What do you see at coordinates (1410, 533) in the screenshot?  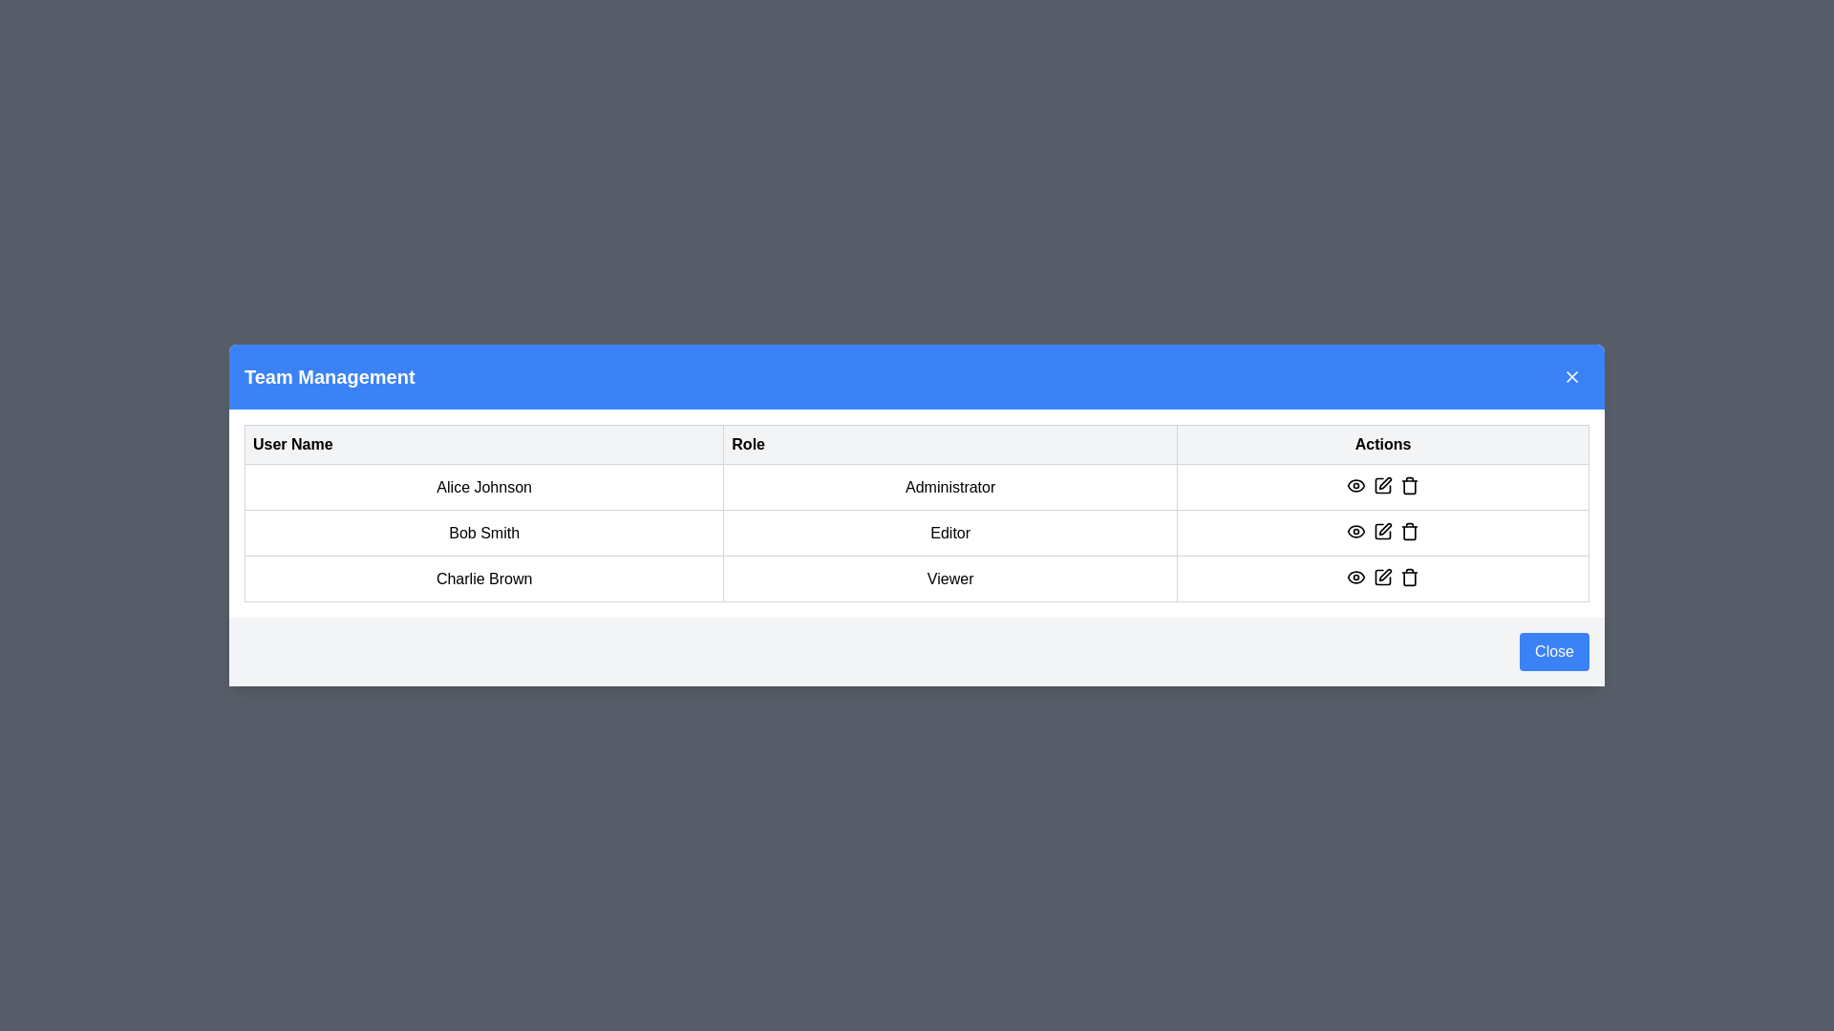 I see `the delete icon button located at the bottom-right corner of the modal window in the 'Actions' section to initiate deletion for the item corresponding to Bob Smith` at bounding box center [1410, 533].